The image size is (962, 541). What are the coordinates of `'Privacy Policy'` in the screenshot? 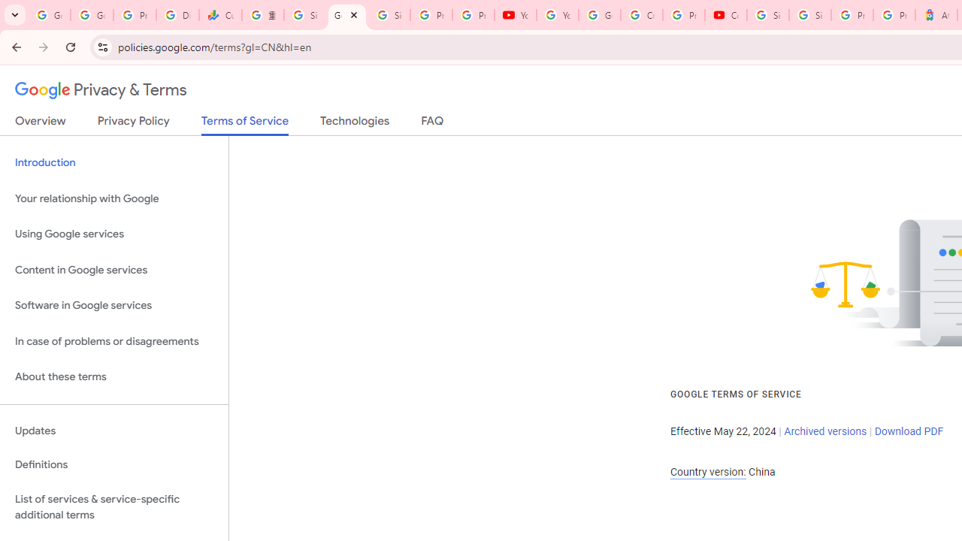 It's located at (133, 123).